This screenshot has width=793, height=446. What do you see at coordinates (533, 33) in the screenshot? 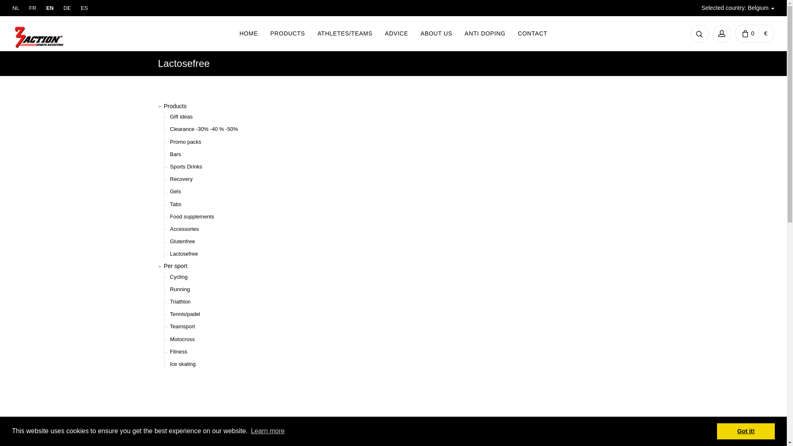
I see `'CONTACT'` at bounding box center [533, 33].